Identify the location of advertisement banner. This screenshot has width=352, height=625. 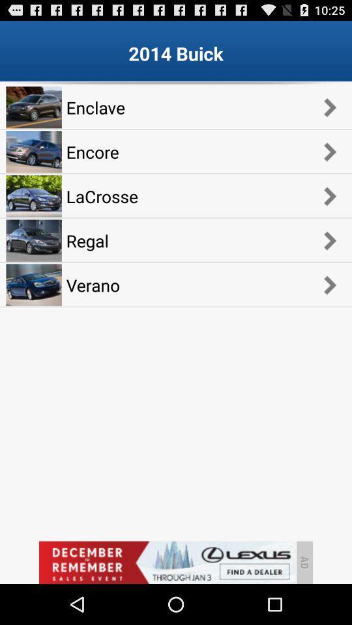
(167, 562).